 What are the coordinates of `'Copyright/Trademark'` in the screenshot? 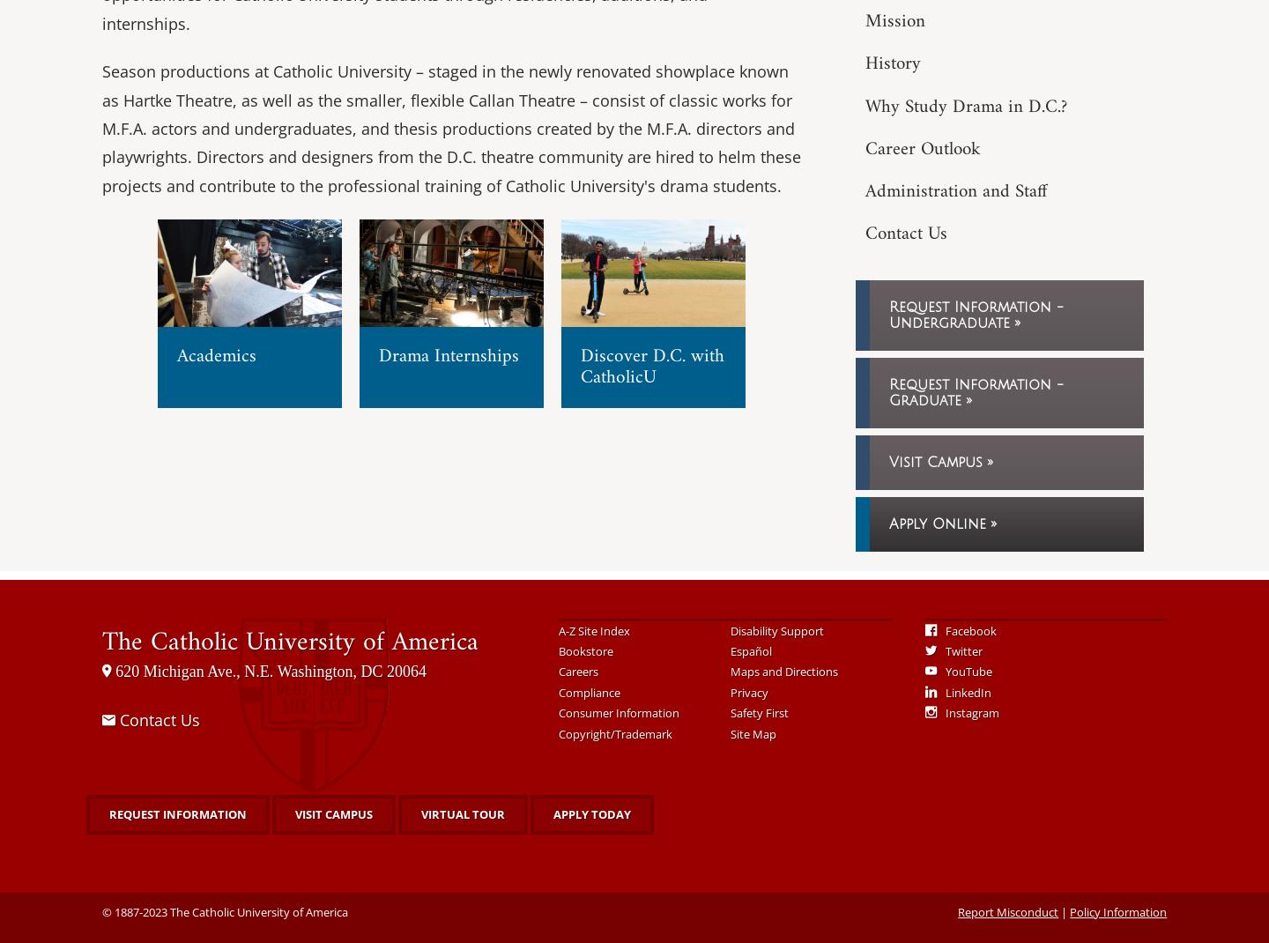 It's located at (558, 733).